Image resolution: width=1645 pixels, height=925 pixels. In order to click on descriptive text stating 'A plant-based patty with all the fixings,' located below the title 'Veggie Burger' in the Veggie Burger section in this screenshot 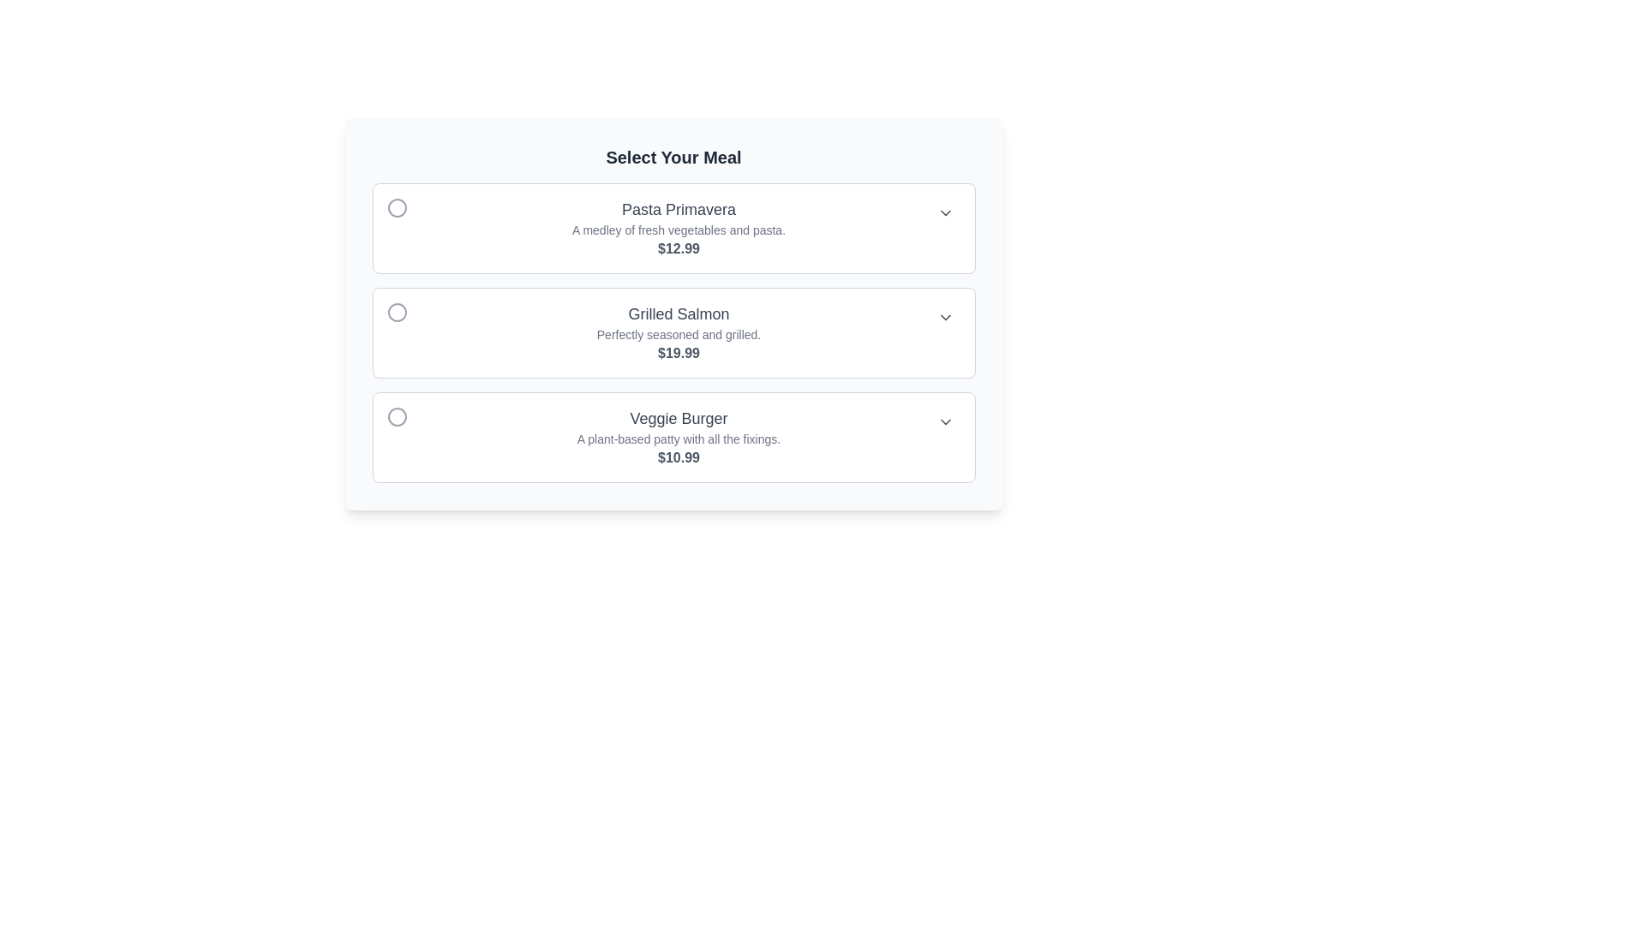, I will do `click(678, 439)`.